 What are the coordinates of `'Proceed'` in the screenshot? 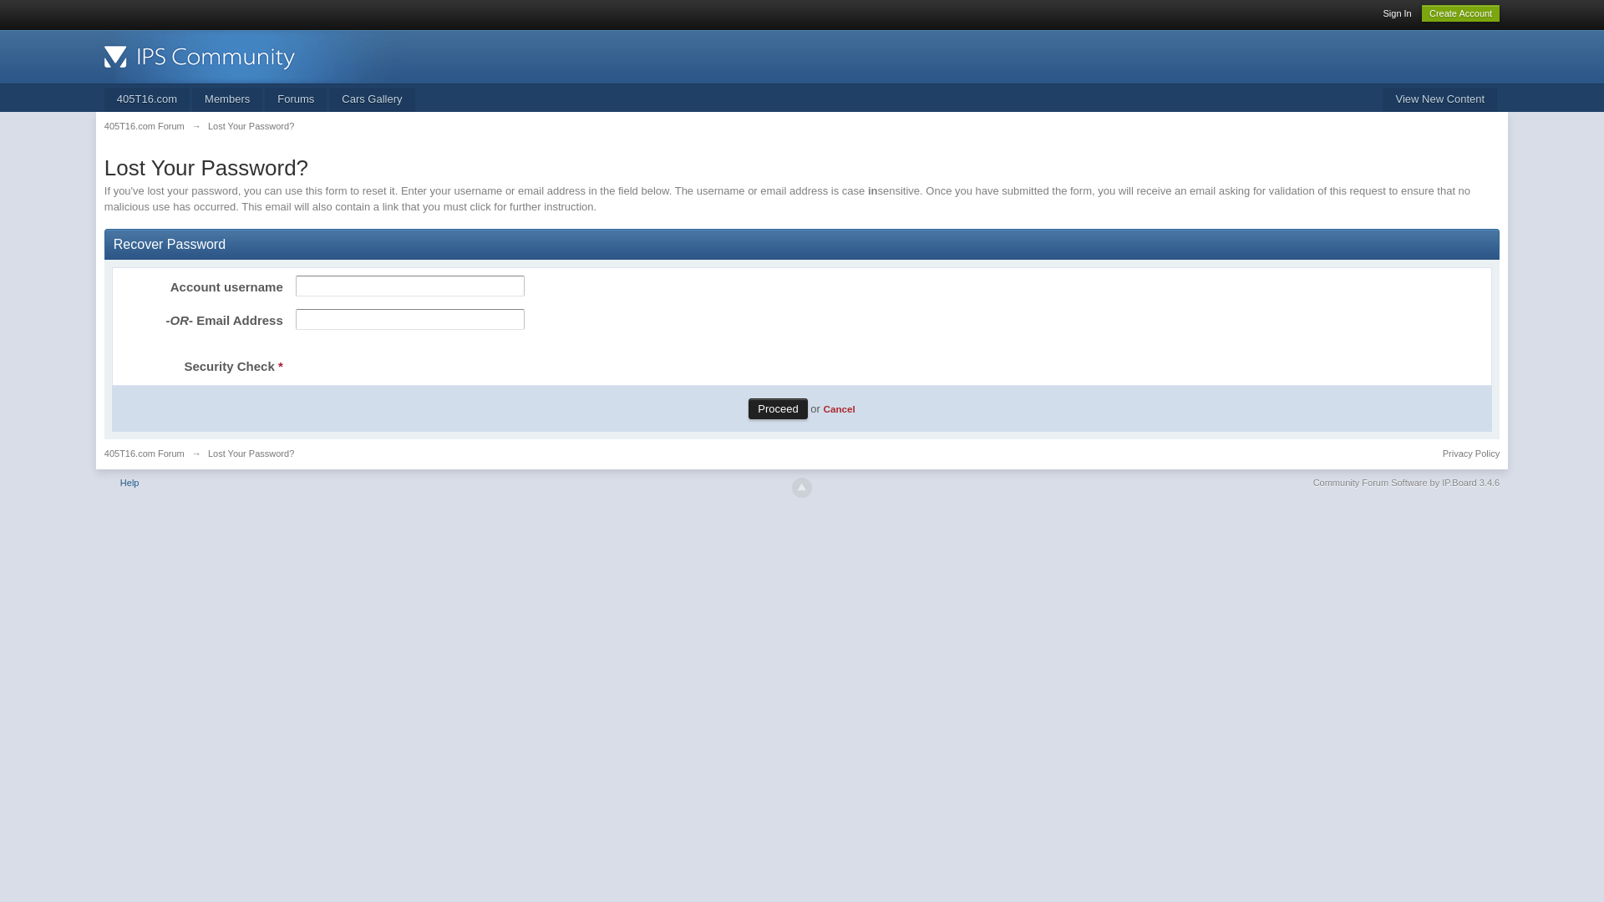 It's located at (777, 408).